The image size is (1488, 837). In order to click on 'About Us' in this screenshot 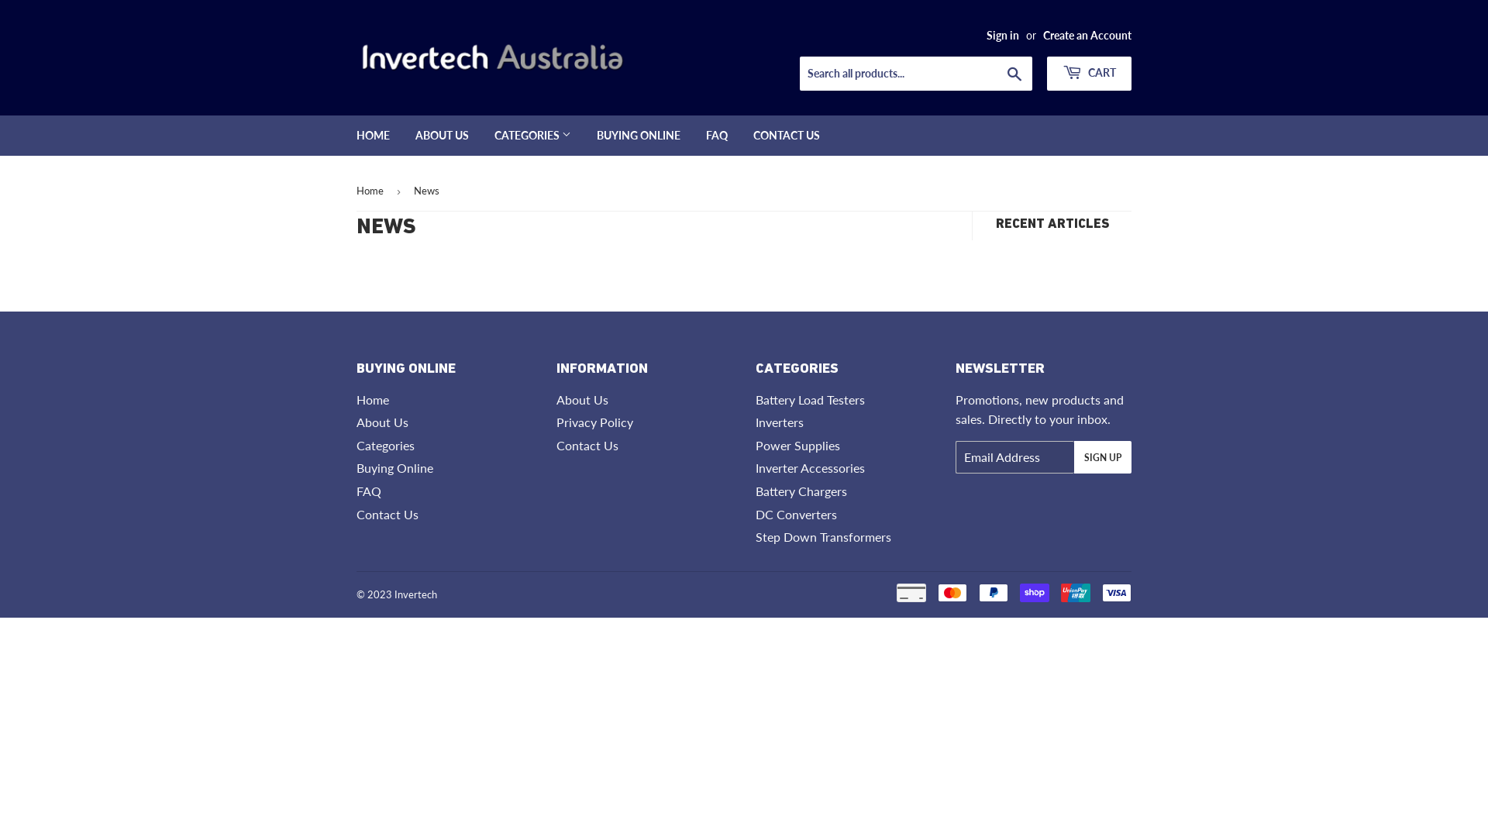, I will do `click(581, 398)`.